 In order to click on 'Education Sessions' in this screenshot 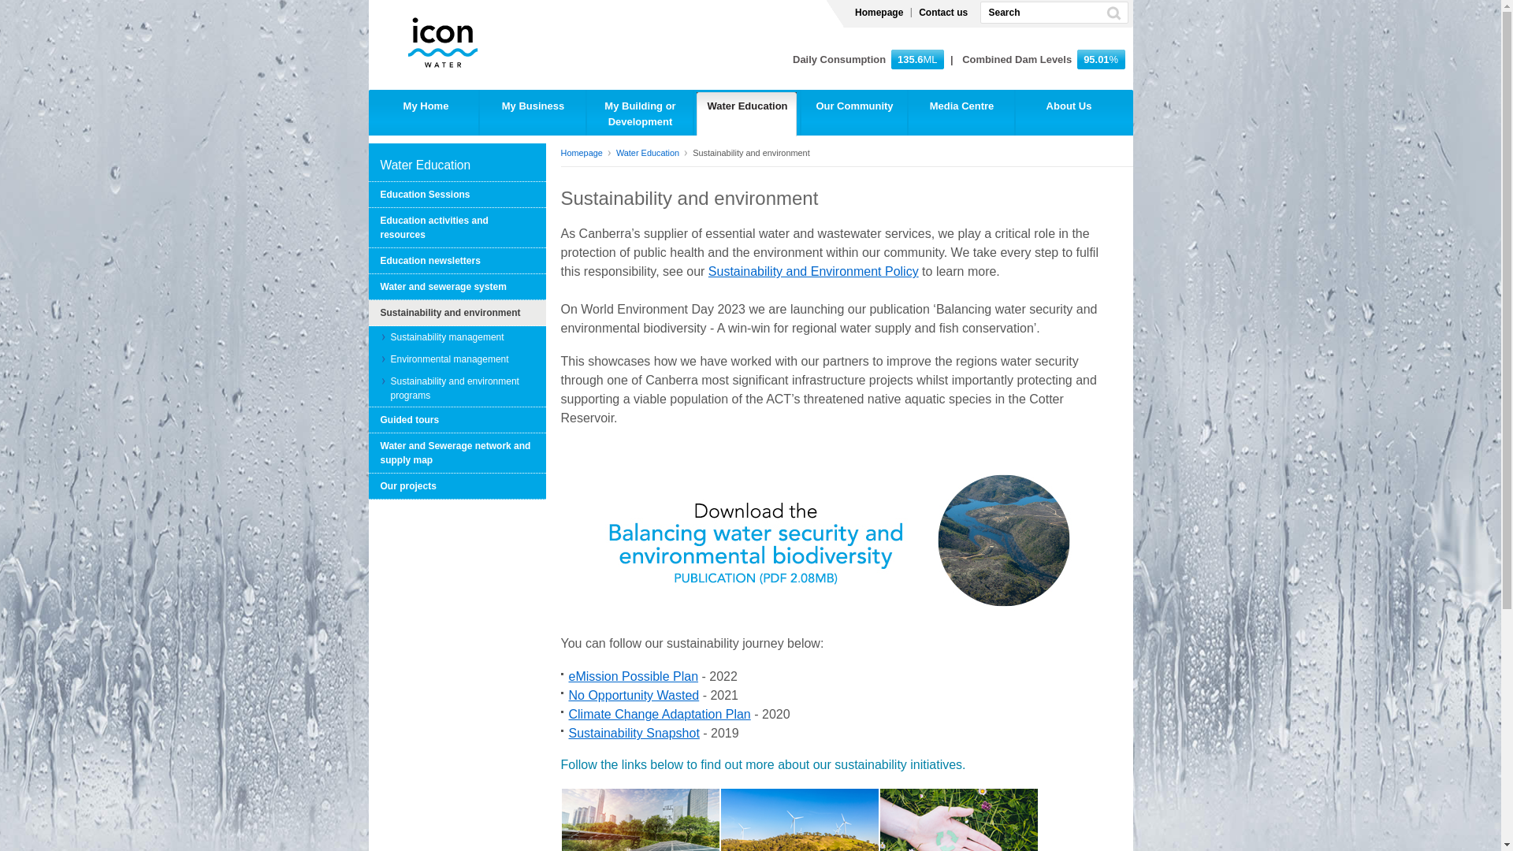, I will do `click(456, 194)`.